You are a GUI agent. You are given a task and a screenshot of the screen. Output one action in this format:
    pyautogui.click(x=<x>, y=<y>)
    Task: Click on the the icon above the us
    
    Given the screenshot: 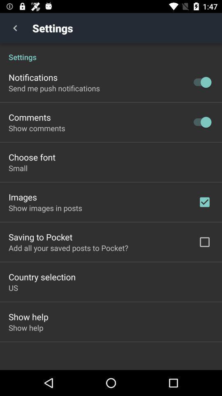 What is the action you would take?
    pyautogui.click(x=42, y=277)
    